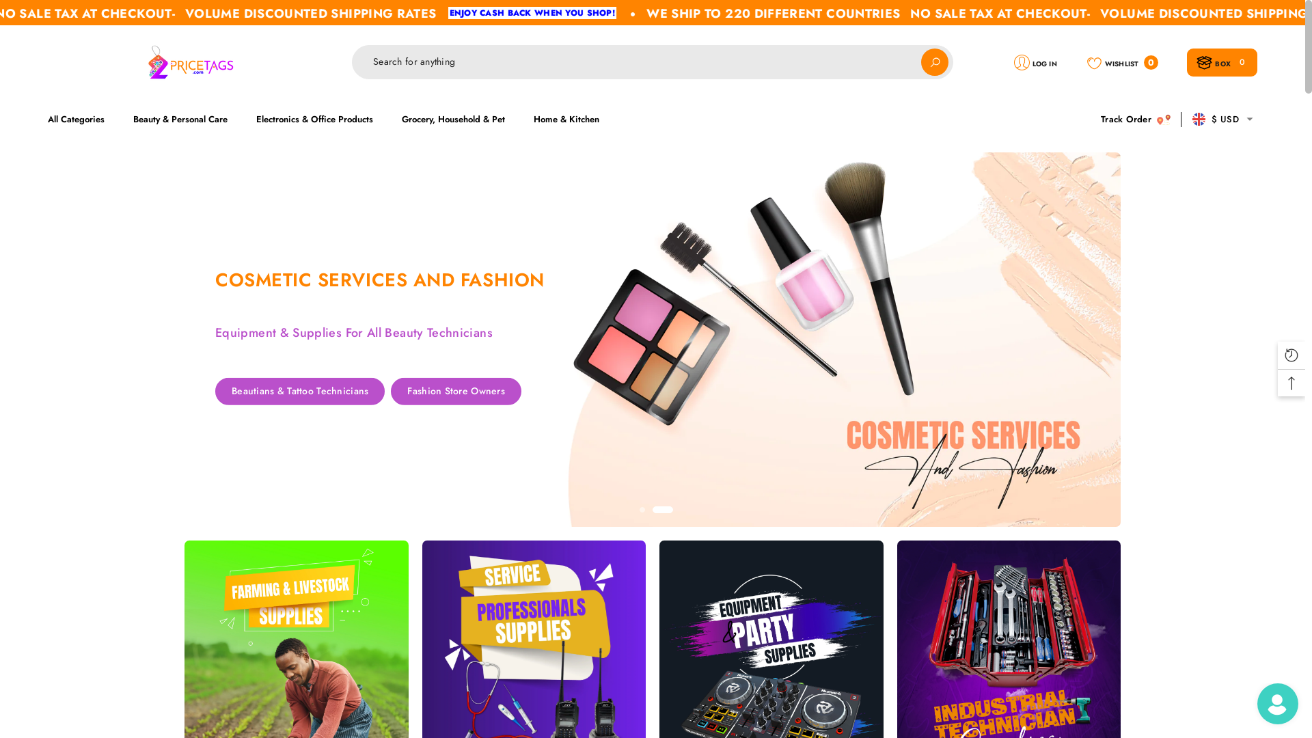  What do you see at coordinates (277, 392) in the screenshot?
I see `'Culinary Professional'` at bounding box center [277, 392].